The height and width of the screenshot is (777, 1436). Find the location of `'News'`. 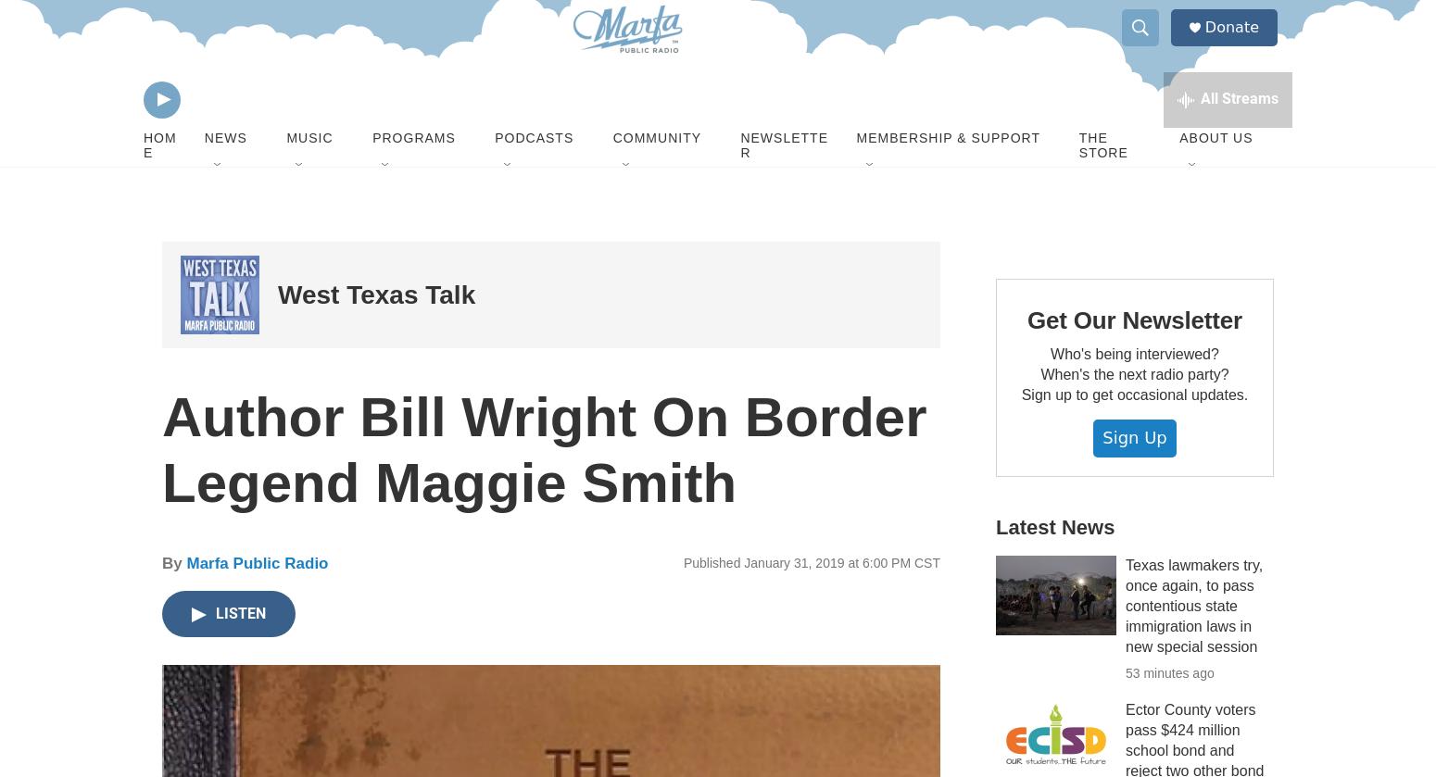

'News' is located at coordinates (202, 183).